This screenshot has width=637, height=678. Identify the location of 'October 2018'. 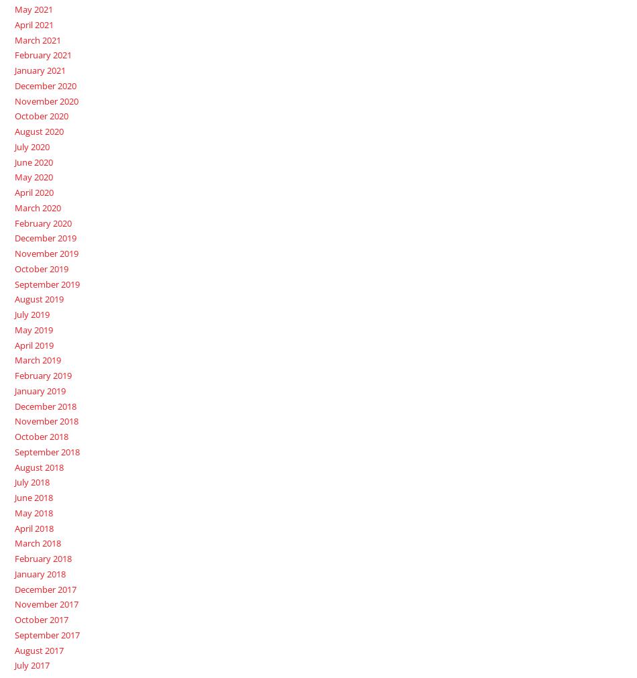
(13, 436).